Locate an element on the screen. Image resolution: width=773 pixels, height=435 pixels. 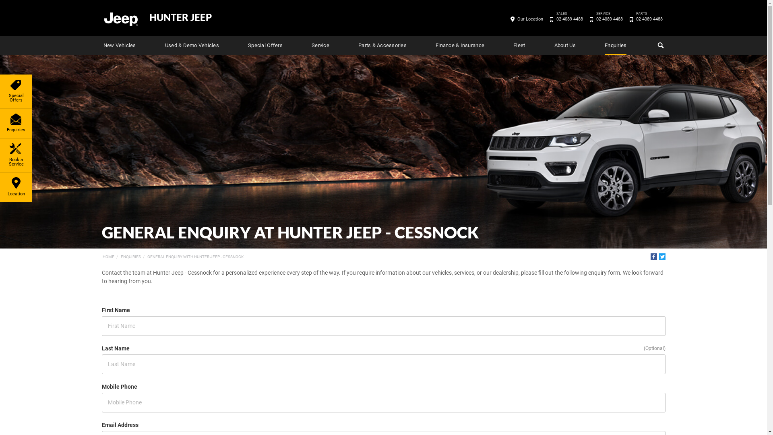
'Special Offers' is located at coordinates (247, 45).